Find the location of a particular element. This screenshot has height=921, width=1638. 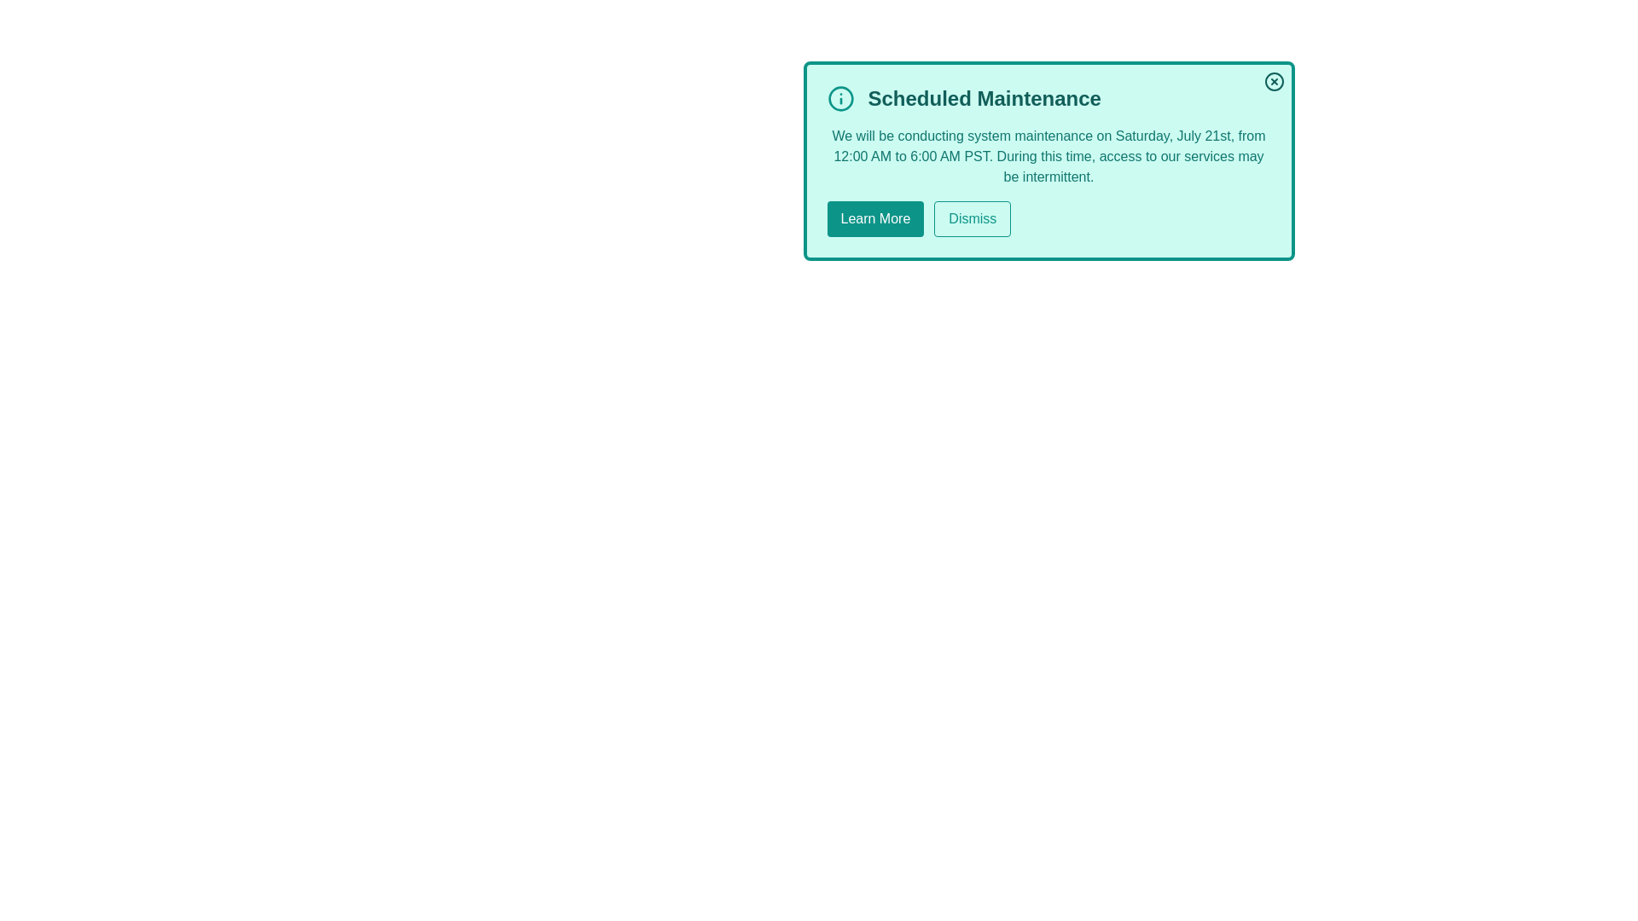

close button to dismiss the alert is located at coordinates (1274, 82).